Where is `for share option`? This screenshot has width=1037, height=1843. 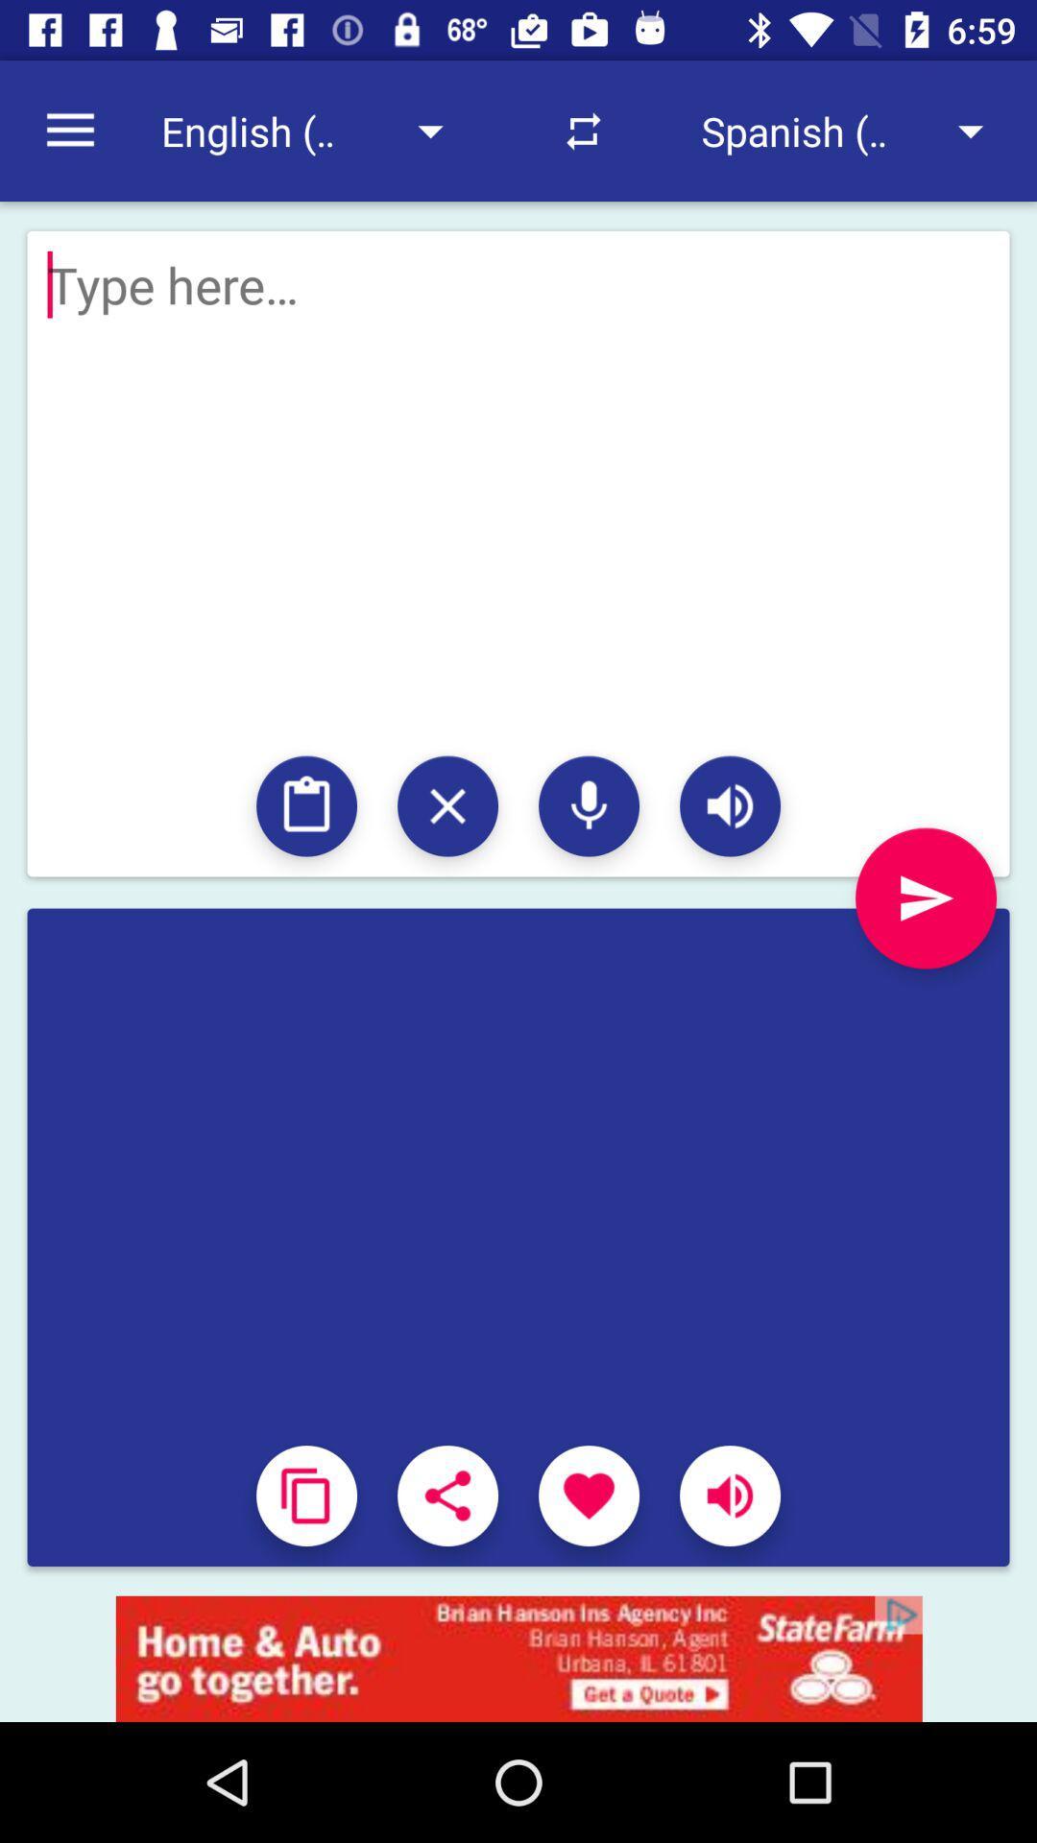 for share option is located at coordinates (447, 1495).